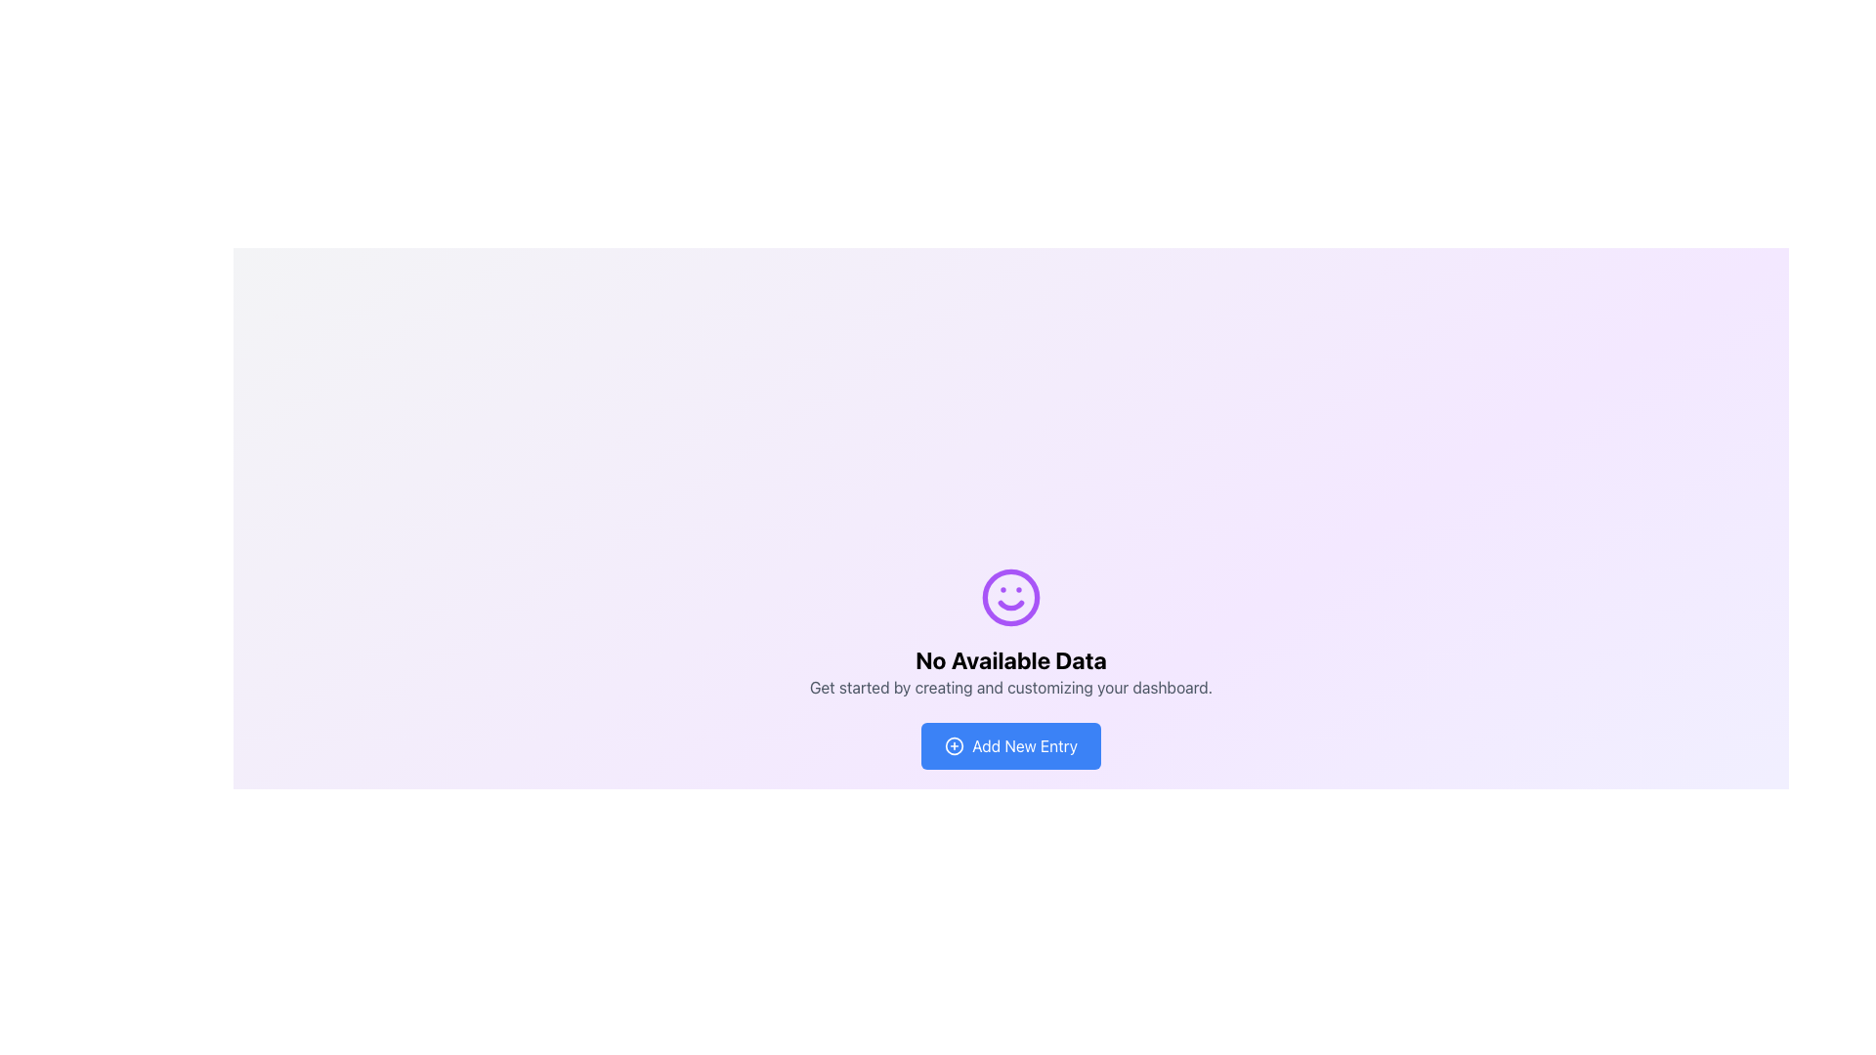 This screenshot has width=1876, height=1055. Describe the element at coordinates (1011, 597) in the screenshot. I see `the smiley face icon located above the 'No Available Data' text, which serves as a decorative element in the interface` at that location.